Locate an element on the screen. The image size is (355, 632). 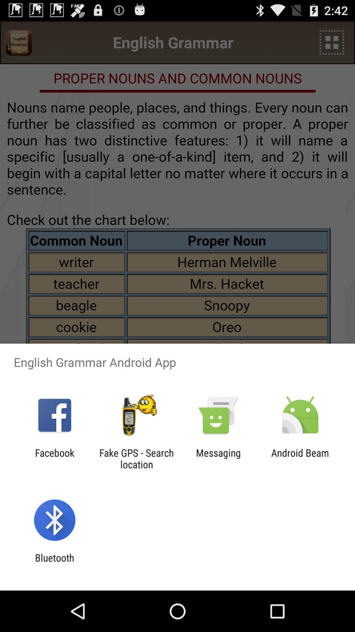
item next to the facebook item is located at coordinates (136, 458).